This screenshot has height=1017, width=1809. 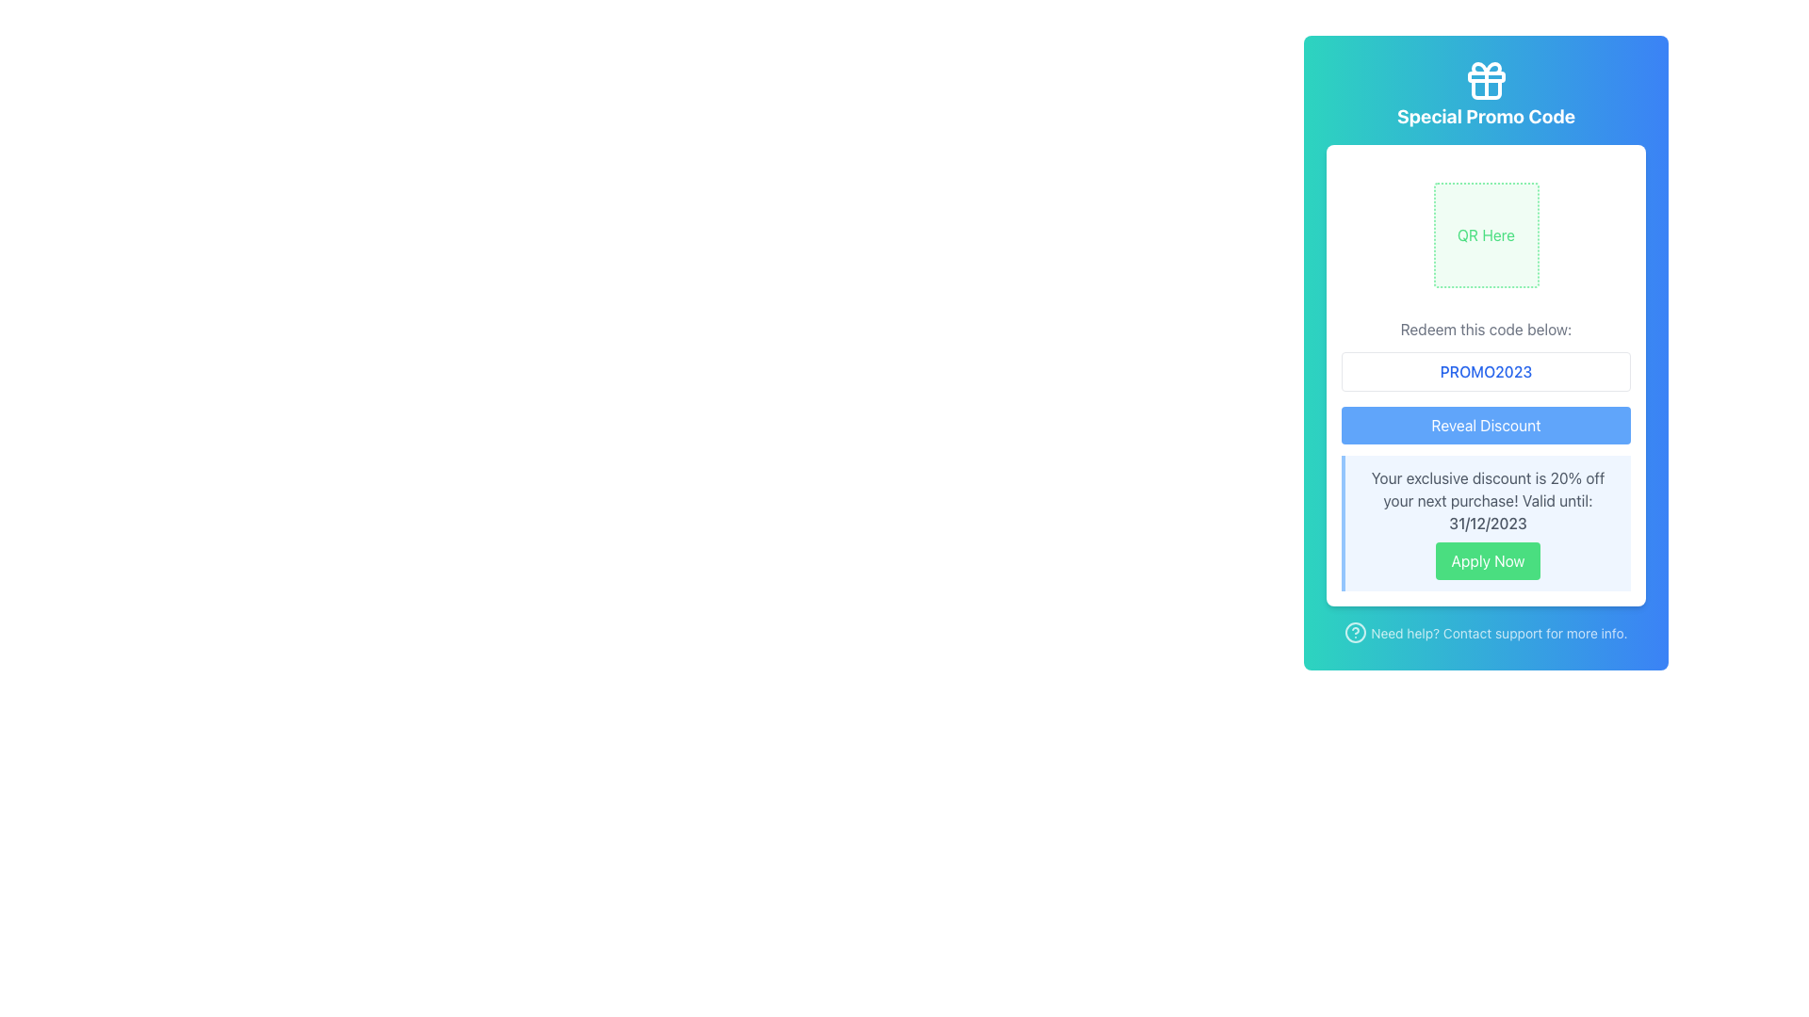 What do you see at coordinates (1485, 635) in the screenshot?
I see `the informational text 'Need help? Contact support for more info.' which is styled with small, light-colored text and located at the bottom-center of the promotional offer card` at bounding box center [1485, 635].